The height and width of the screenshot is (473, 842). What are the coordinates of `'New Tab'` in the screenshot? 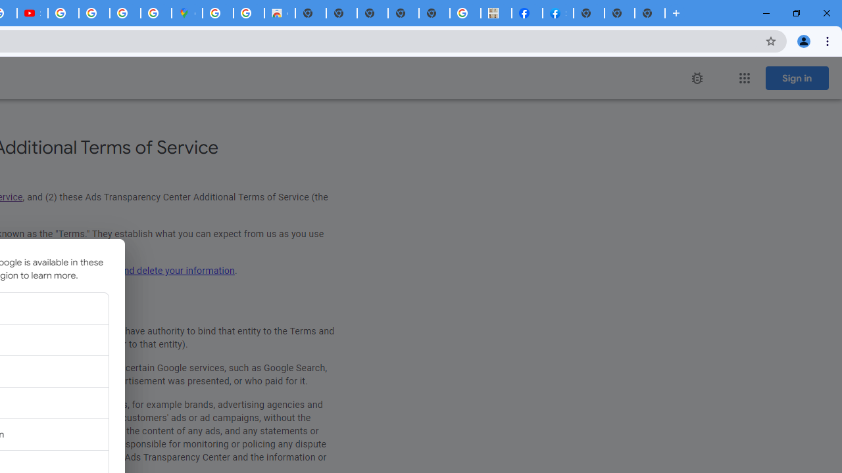 It's located at (650, 13).